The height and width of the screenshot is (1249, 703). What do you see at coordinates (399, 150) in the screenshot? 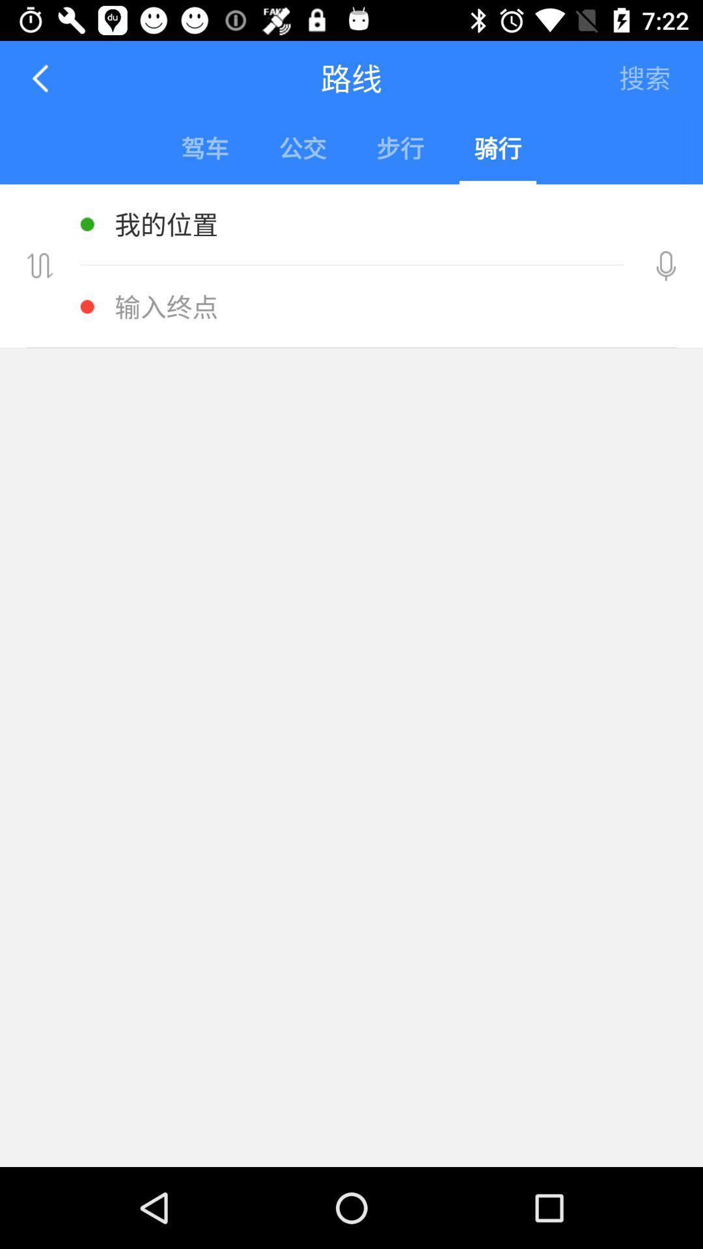
I see `third symbol in the second row` at bounding box center [399, 150].